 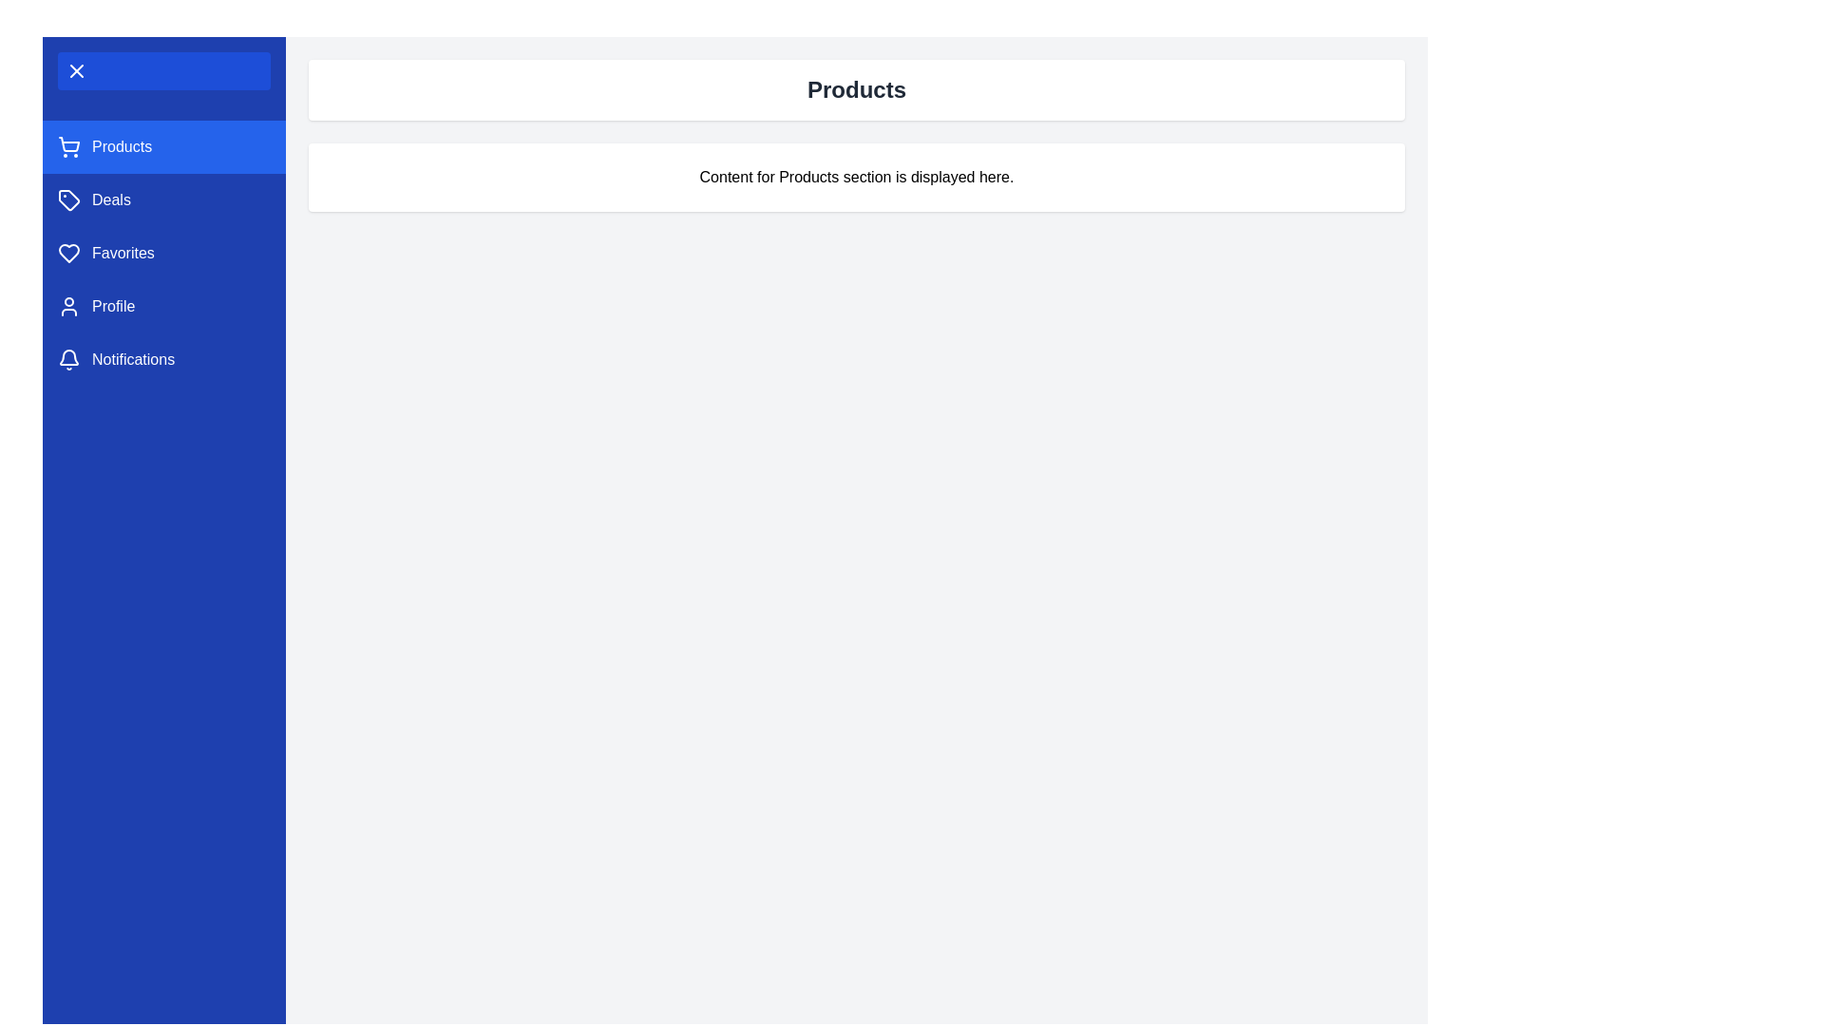 What do you see at coordinates (163, 306) in the screenshot?
I see `the 'Profile' button, which is the fourth item in the vertical list of navigation links in the sidebar` at bounding box center [163, 306].